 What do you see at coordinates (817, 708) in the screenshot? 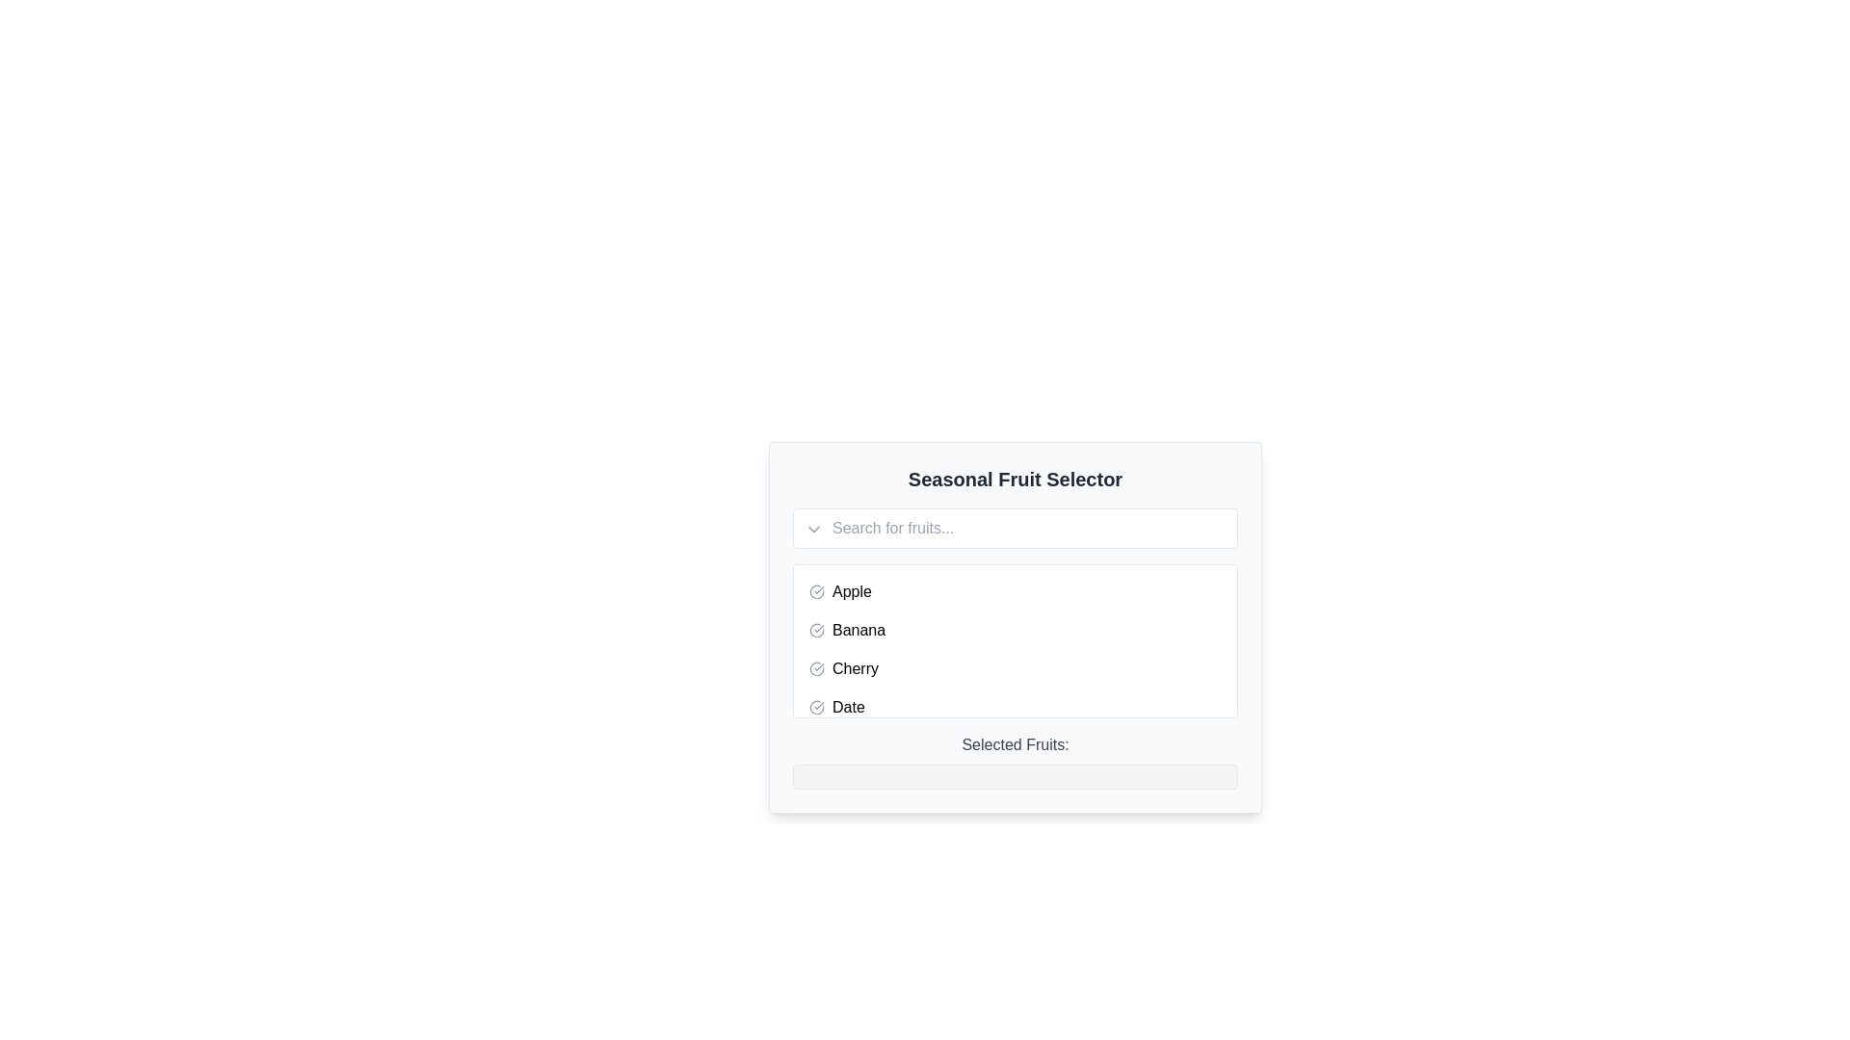
I see `the visual indicator icon for the 'Date' entry located in the 'Seasonal Fruit Selector' section, which is the fourth option in the selectable list` at bounding box center [817, 708].